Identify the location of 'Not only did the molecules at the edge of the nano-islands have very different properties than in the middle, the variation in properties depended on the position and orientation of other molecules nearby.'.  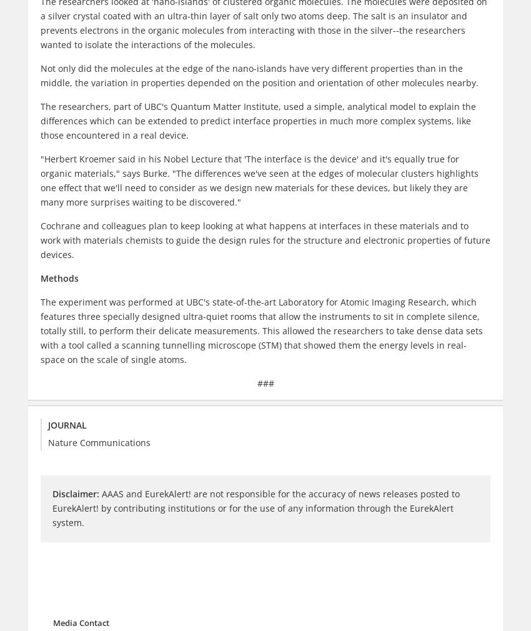
(259, 74).